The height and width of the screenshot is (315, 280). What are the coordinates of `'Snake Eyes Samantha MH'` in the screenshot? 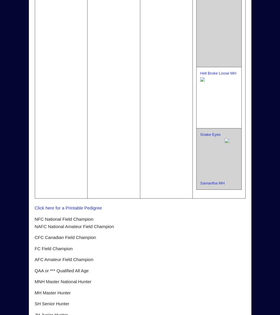 It's located at (212, 159).